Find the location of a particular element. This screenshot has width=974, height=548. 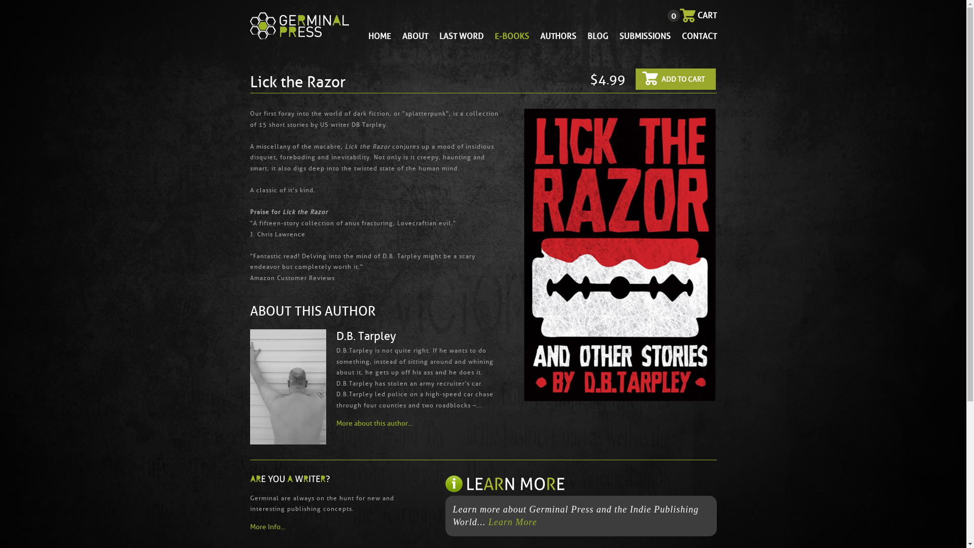

'Learn More' is located at coordinates (489, 522).